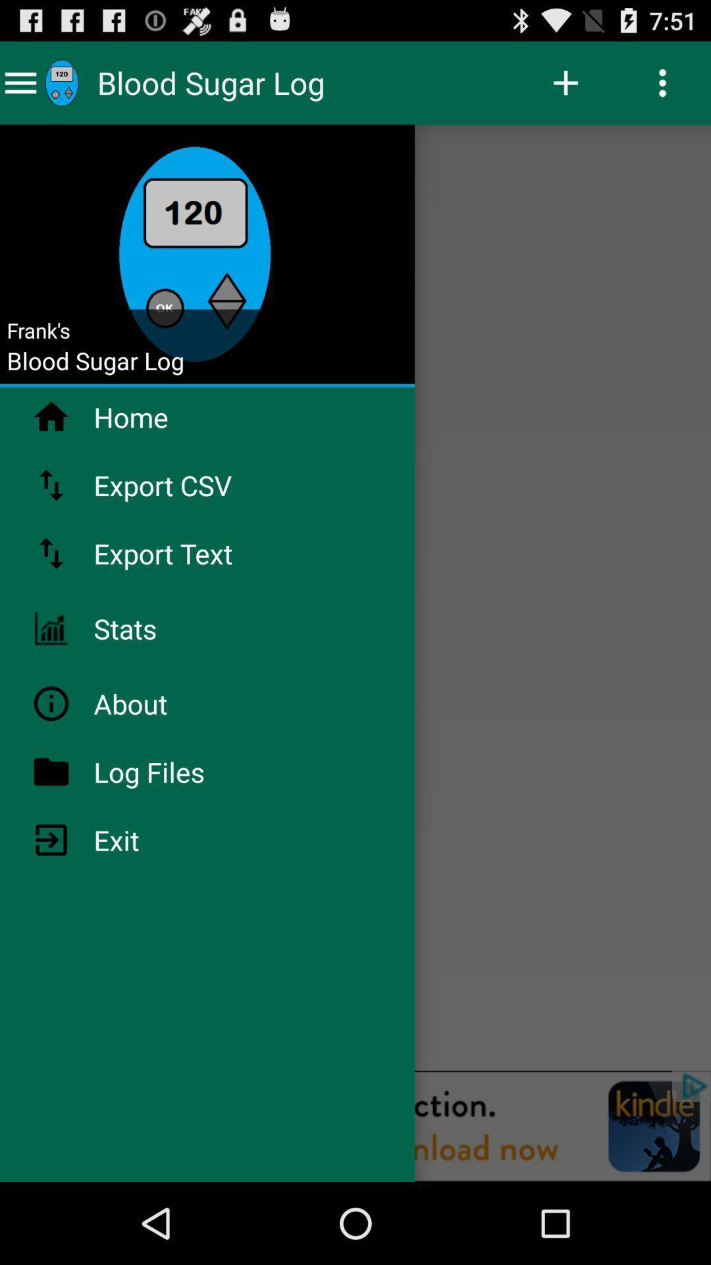 Image resolution: width=711 pixels, height=1265 pixels. What do you see at coordinates (197, 553) in the screenshot?
I see `app below export csv` at bounding box center [197, 553].